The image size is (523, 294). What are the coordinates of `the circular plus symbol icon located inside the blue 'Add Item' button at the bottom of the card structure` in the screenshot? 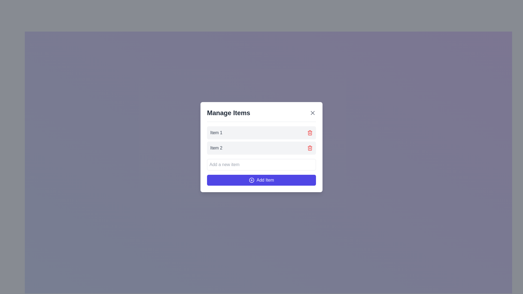 It's located at (251, 180).